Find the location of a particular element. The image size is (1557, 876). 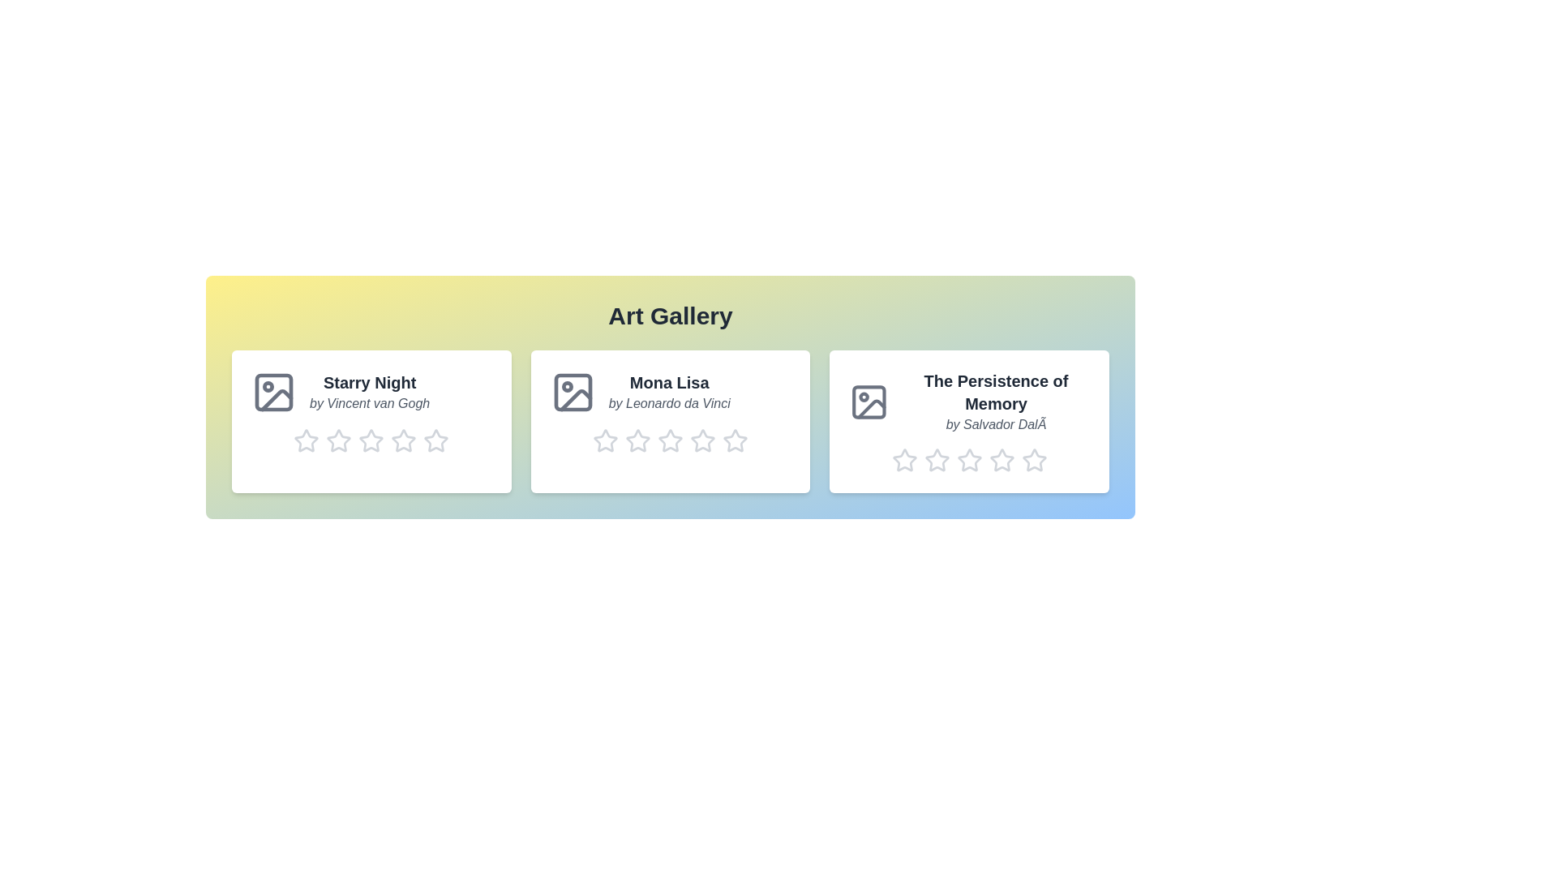

the rating for the artwork 'Starry Night' to 4 stars is located at coordinates (404, 440).